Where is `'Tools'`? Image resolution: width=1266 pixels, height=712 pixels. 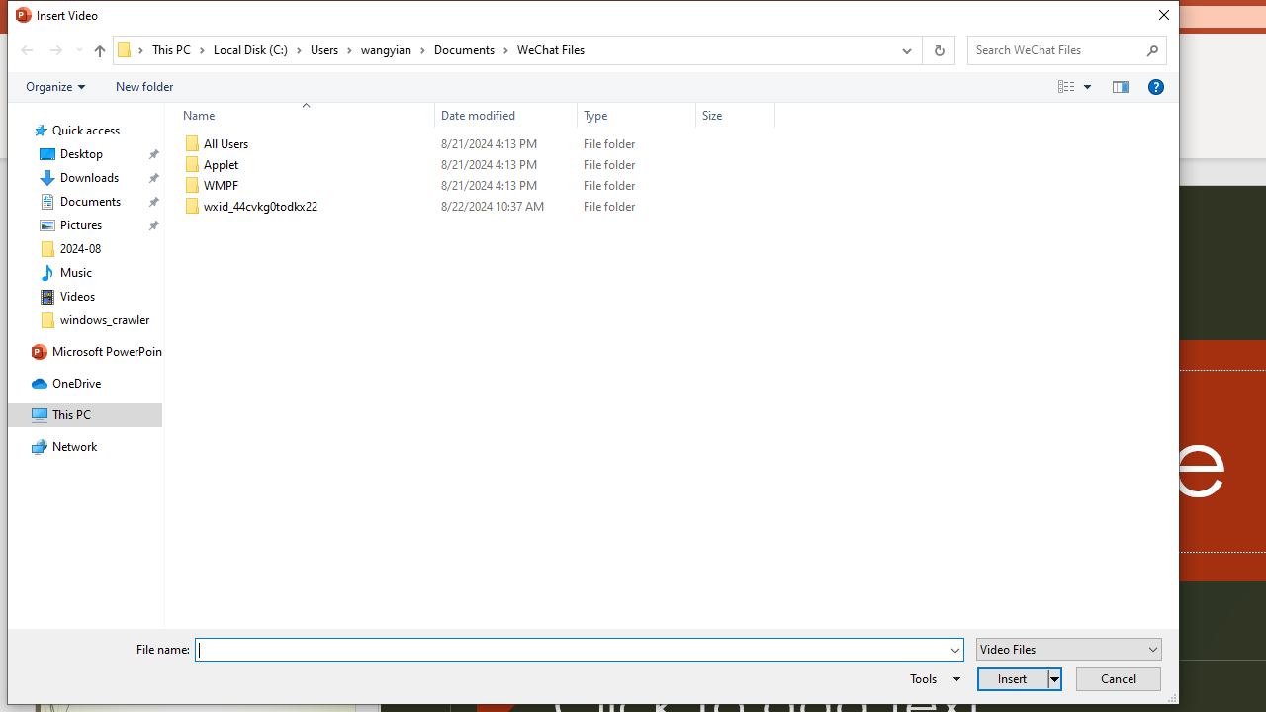 'Tools' is located at coordinates (931, 677).